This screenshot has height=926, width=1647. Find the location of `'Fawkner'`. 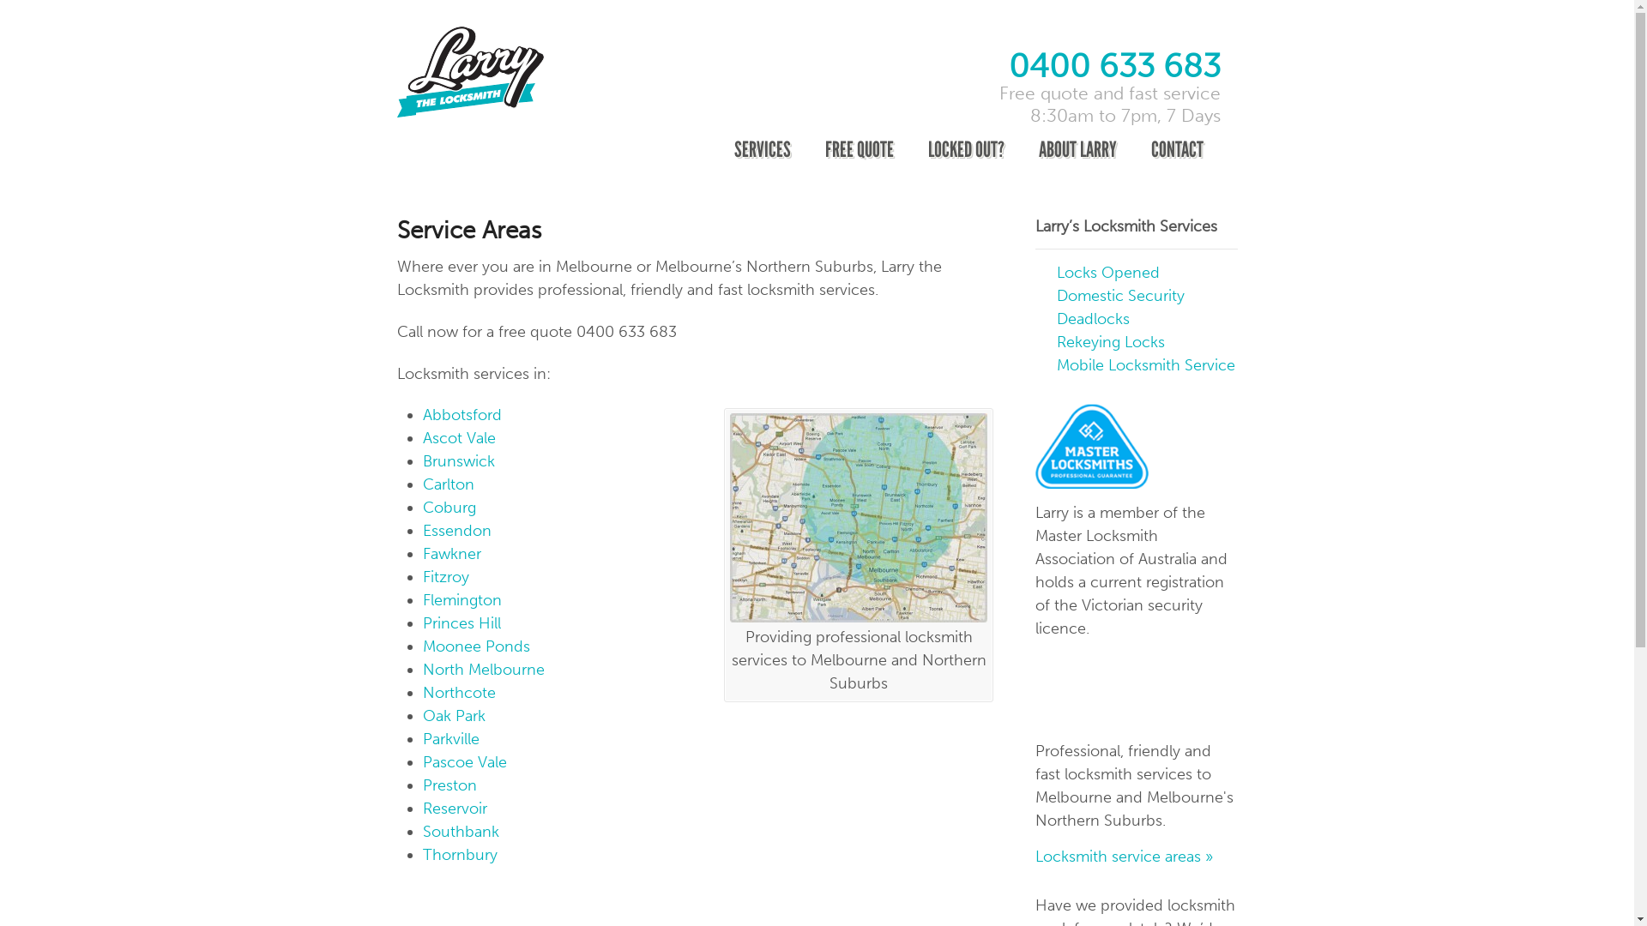

'Fawkner' is located at coordinates (451, 553).